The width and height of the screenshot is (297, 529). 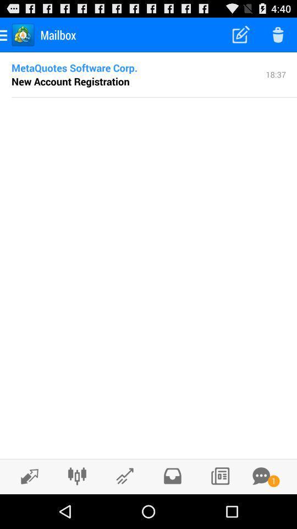 I want to click on item below metaquotes software corp. icon, so click(x=70, y=80).